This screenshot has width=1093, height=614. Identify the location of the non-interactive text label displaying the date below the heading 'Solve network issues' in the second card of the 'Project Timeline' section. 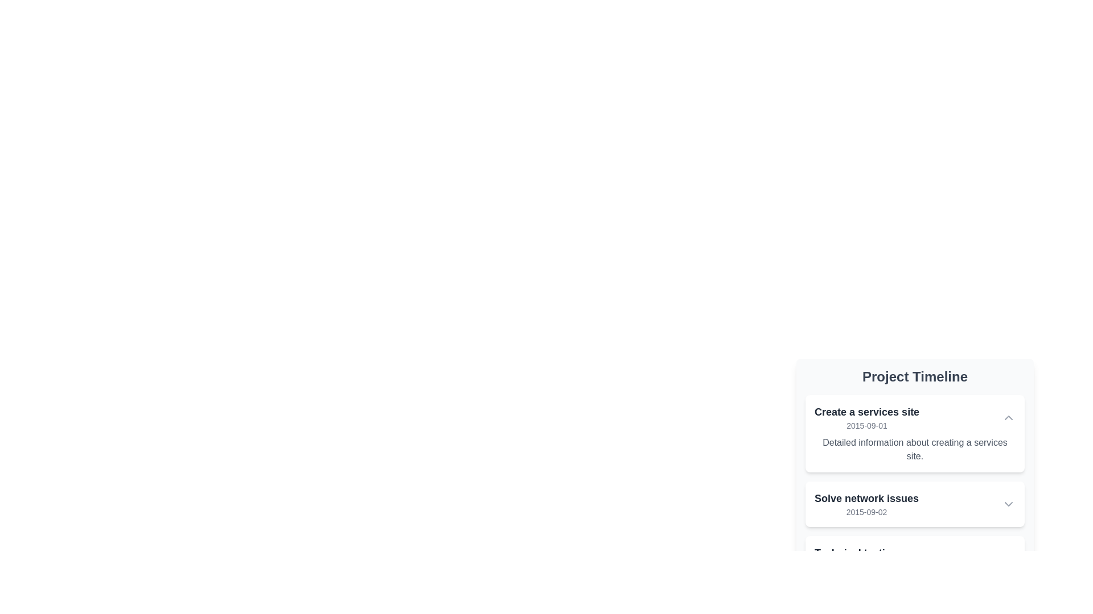
(866, 512).